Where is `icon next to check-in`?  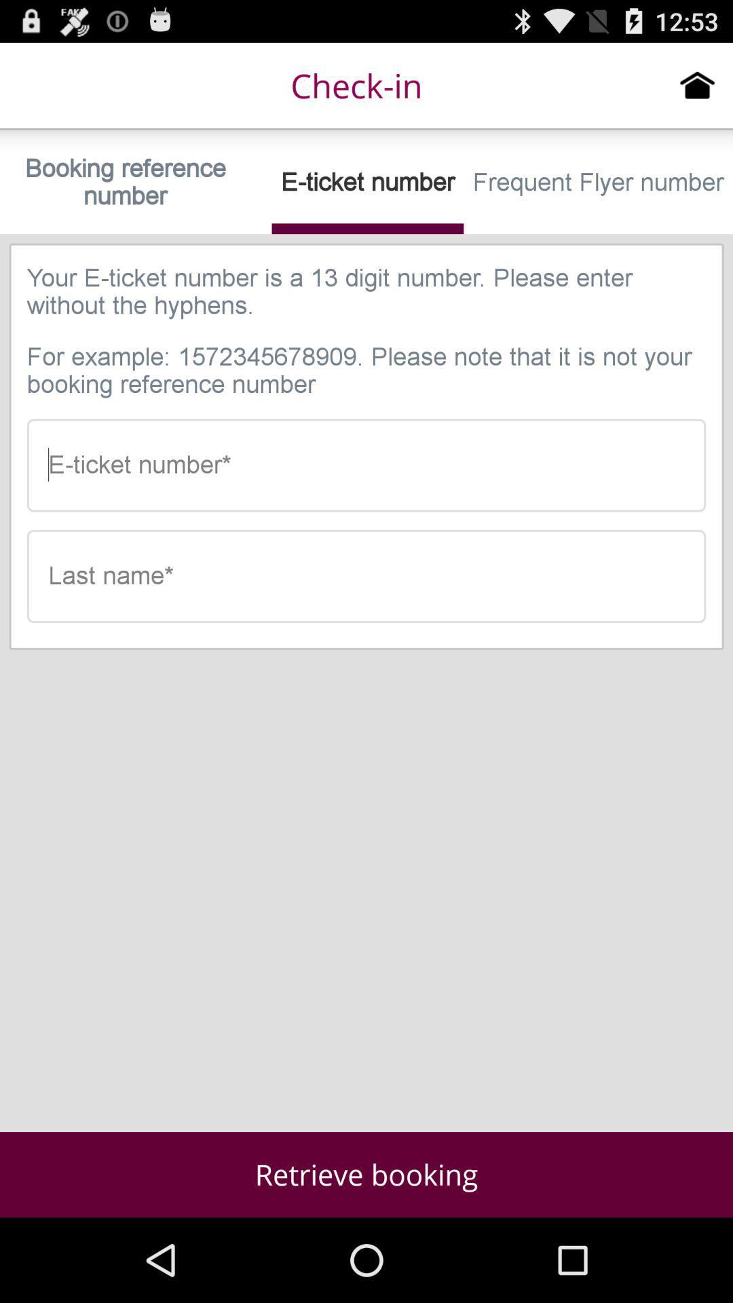
icon next to check-in is located at coordinates (697, 84).